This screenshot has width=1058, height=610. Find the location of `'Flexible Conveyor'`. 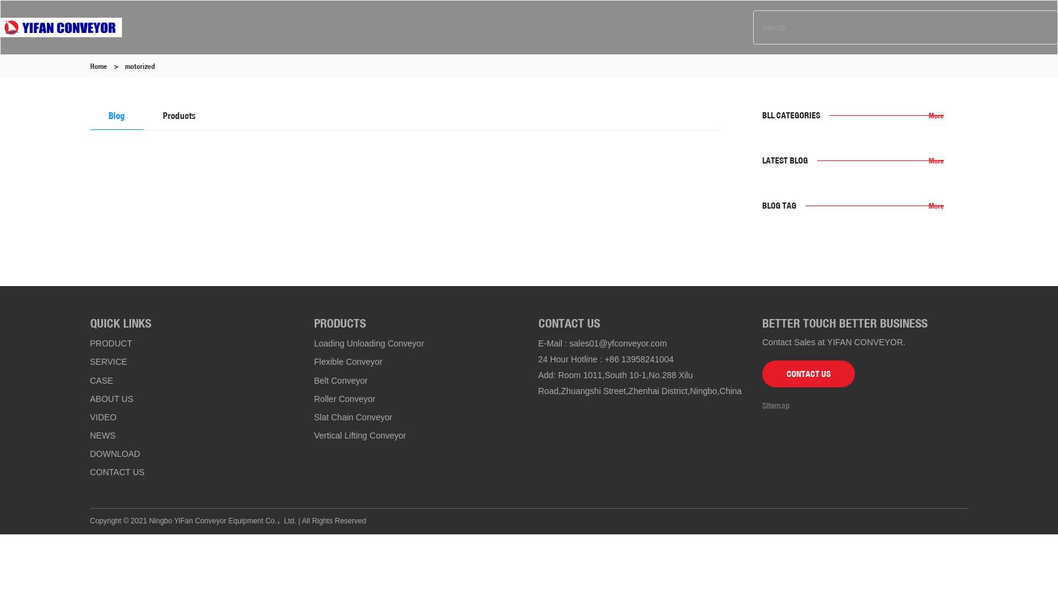

'Flexible Conveyor' is located at coordinates (348, 361).